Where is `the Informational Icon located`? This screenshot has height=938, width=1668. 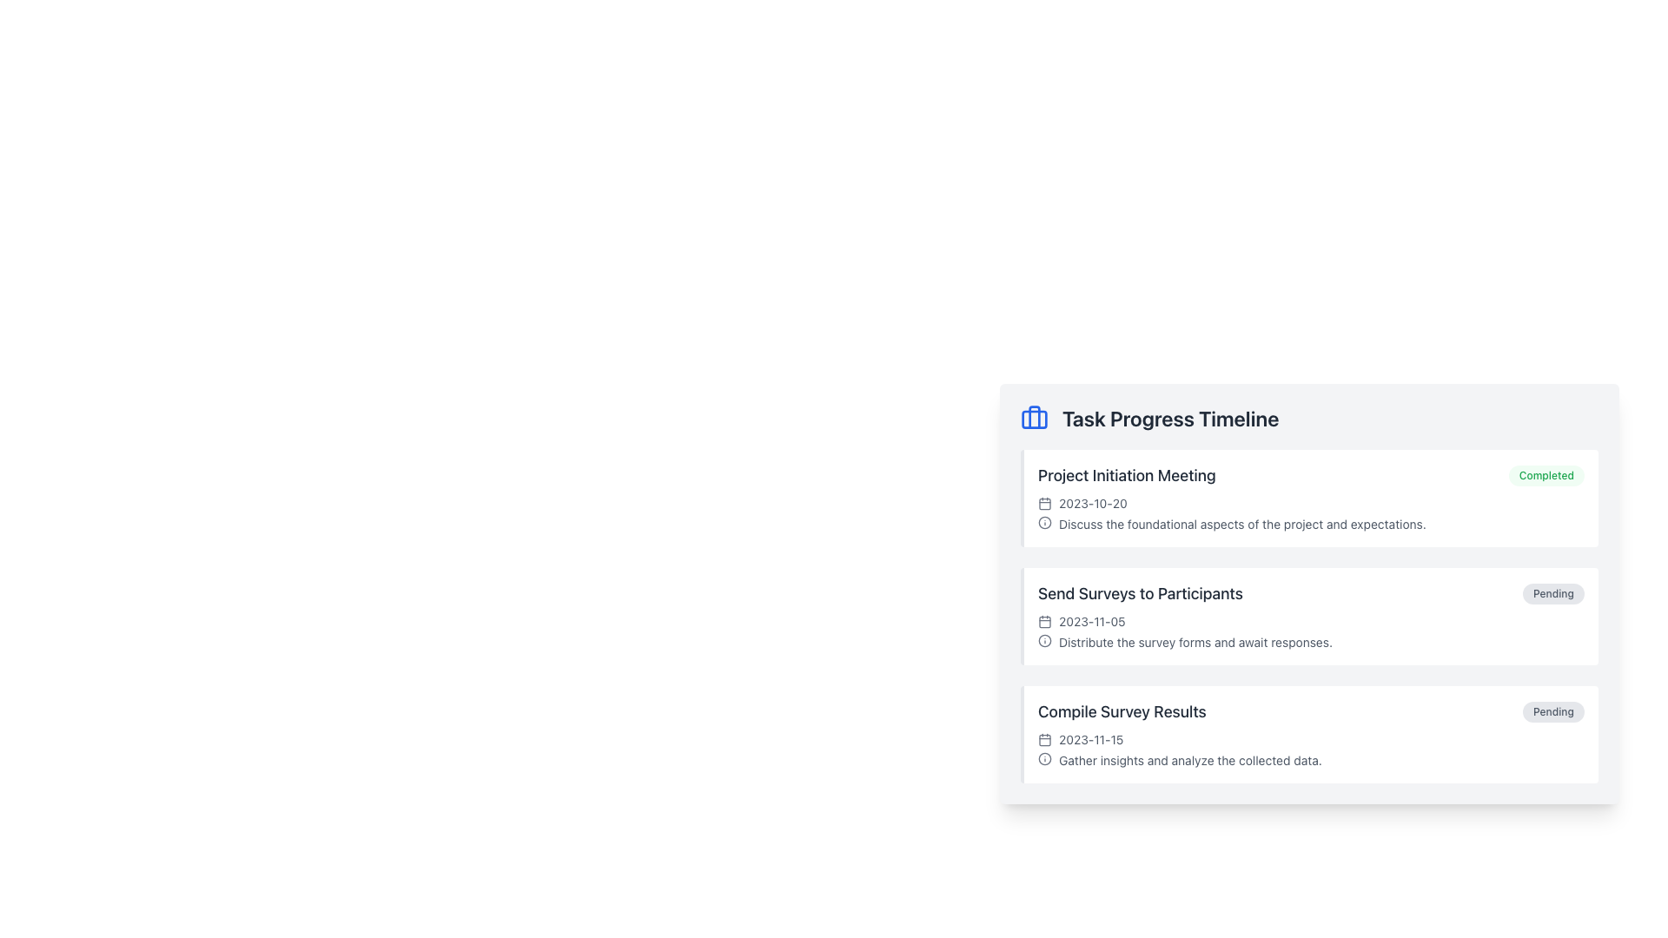
the Informational Icon located is located at coordinates (1044, 640).